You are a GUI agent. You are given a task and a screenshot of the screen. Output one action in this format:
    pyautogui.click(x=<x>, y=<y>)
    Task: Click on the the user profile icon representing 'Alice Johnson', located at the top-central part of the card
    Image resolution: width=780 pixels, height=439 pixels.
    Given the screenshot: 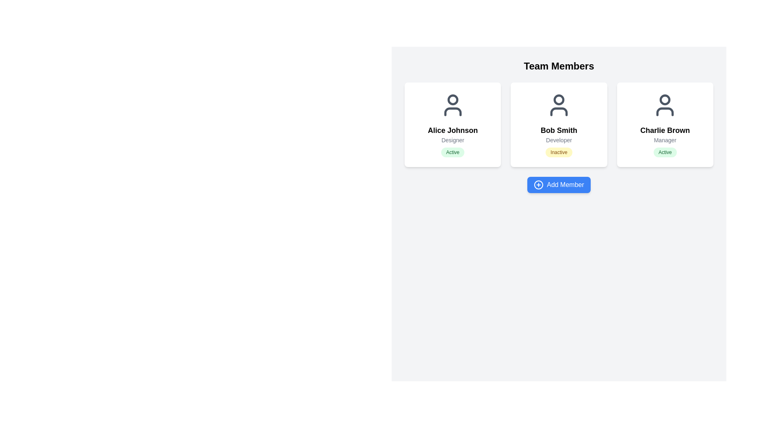 What is the action you would take?
    pyautogui.click(x=452, y=104)
    